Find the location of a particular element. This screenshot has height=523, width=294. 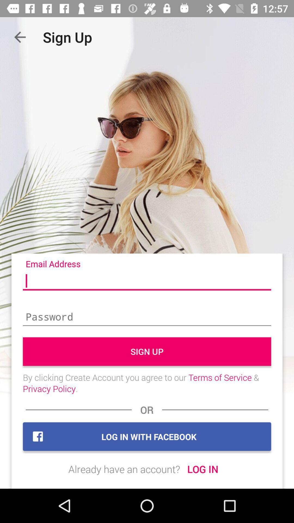

fill in the email address is located at coordinates (147, 281).